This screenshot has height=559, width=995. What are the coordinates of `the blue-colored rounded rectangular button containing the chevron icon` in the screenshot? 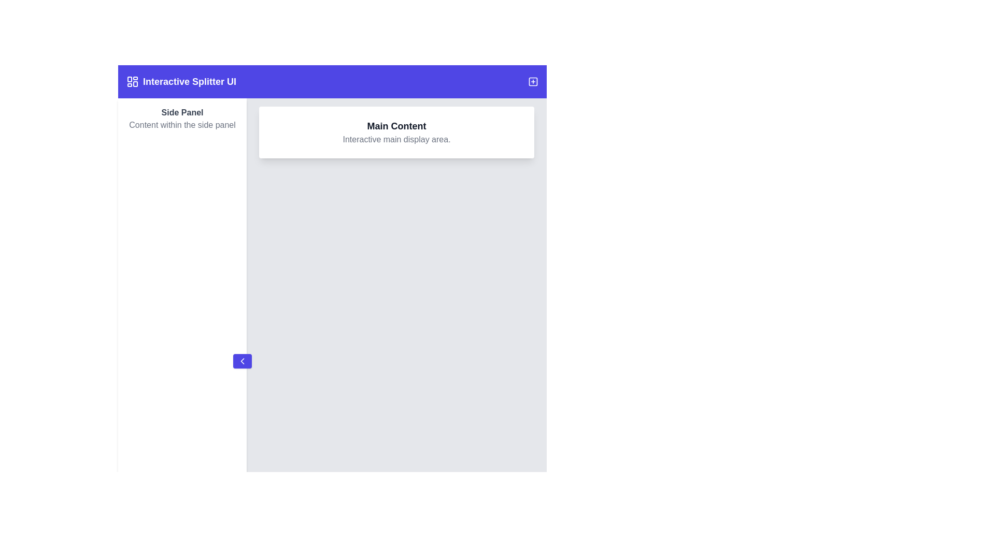 It's located at (242, 361).